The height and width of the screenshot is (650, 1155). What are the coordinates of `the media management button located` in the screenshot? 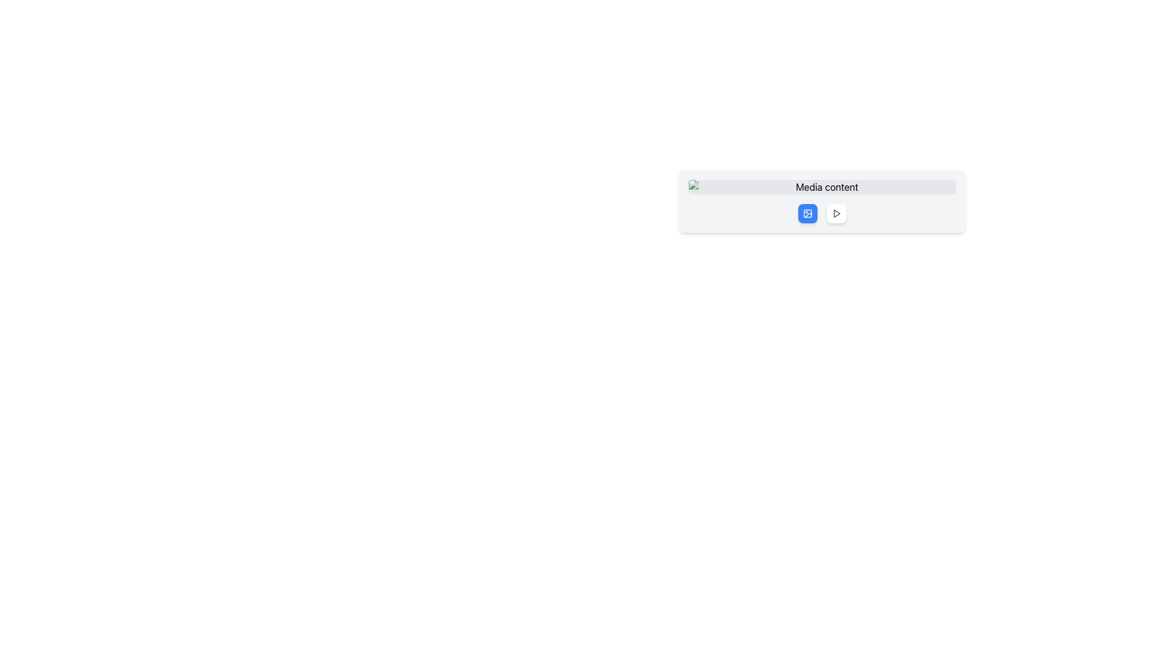 It's located at (808, 212).